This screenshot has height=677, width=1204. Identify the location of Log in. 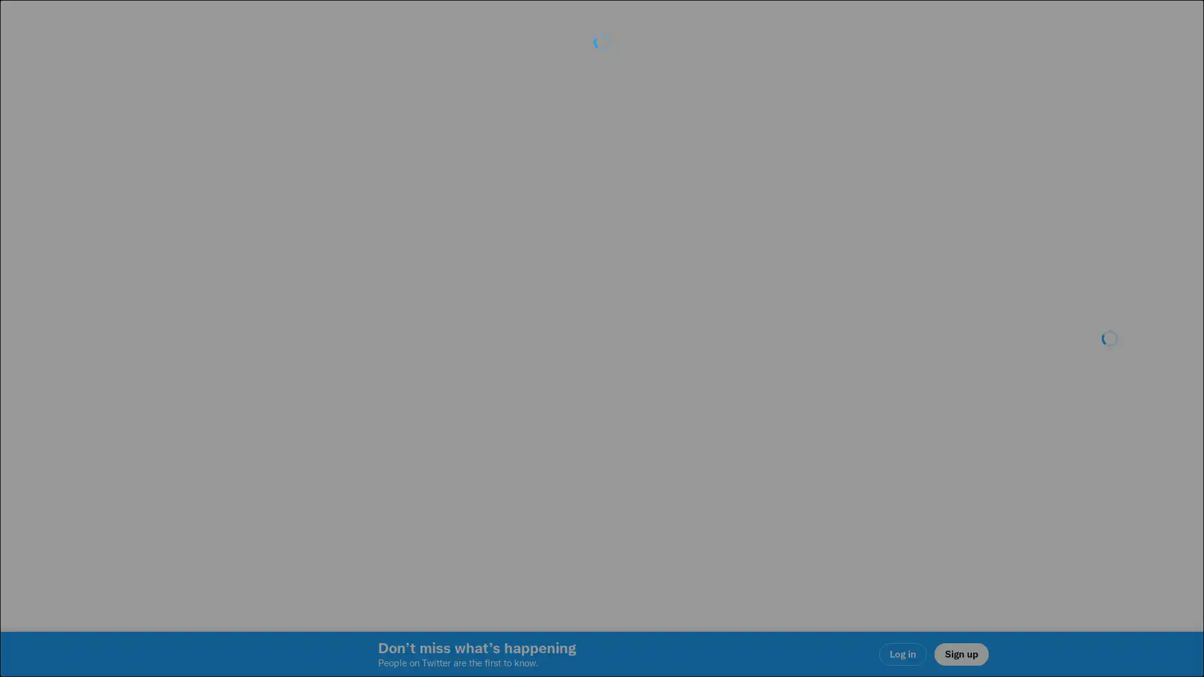
(752, 427).